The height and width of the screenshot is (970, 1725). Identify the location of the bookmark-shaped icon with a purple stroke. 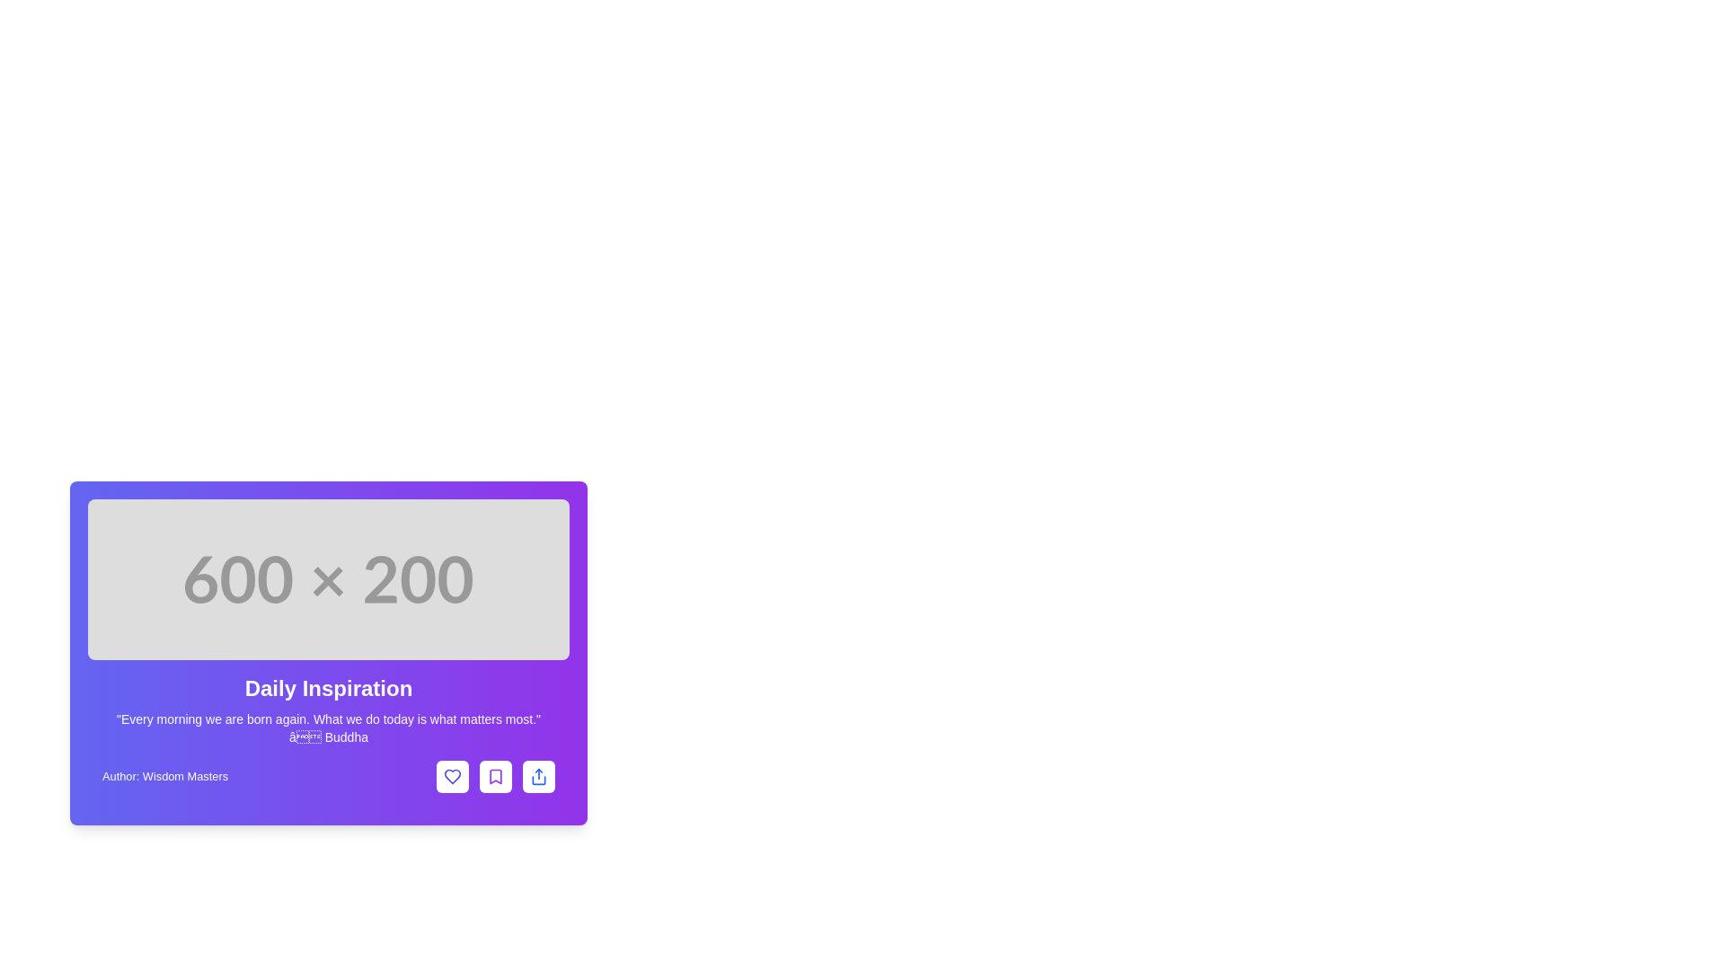
(496, 775).